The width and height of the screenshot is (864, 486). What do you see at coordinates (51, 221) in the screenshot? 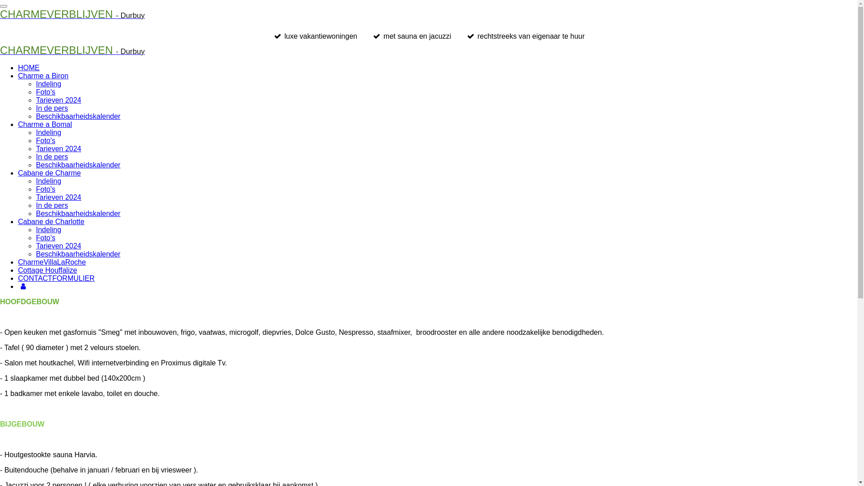
I see `'Cabane de Charlotte'` at bounding box center [51, 221].